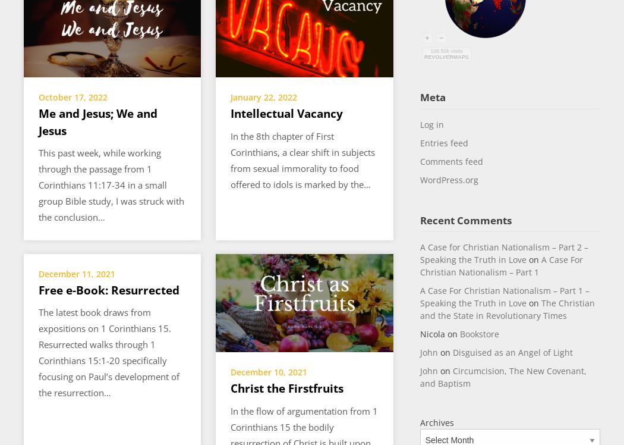 The height and width of the screenshot is (445, 624). I want to click on 'A Case For Christian Nationalism – Part 1 – Speaking the Truth in Love', so click(504, 296).